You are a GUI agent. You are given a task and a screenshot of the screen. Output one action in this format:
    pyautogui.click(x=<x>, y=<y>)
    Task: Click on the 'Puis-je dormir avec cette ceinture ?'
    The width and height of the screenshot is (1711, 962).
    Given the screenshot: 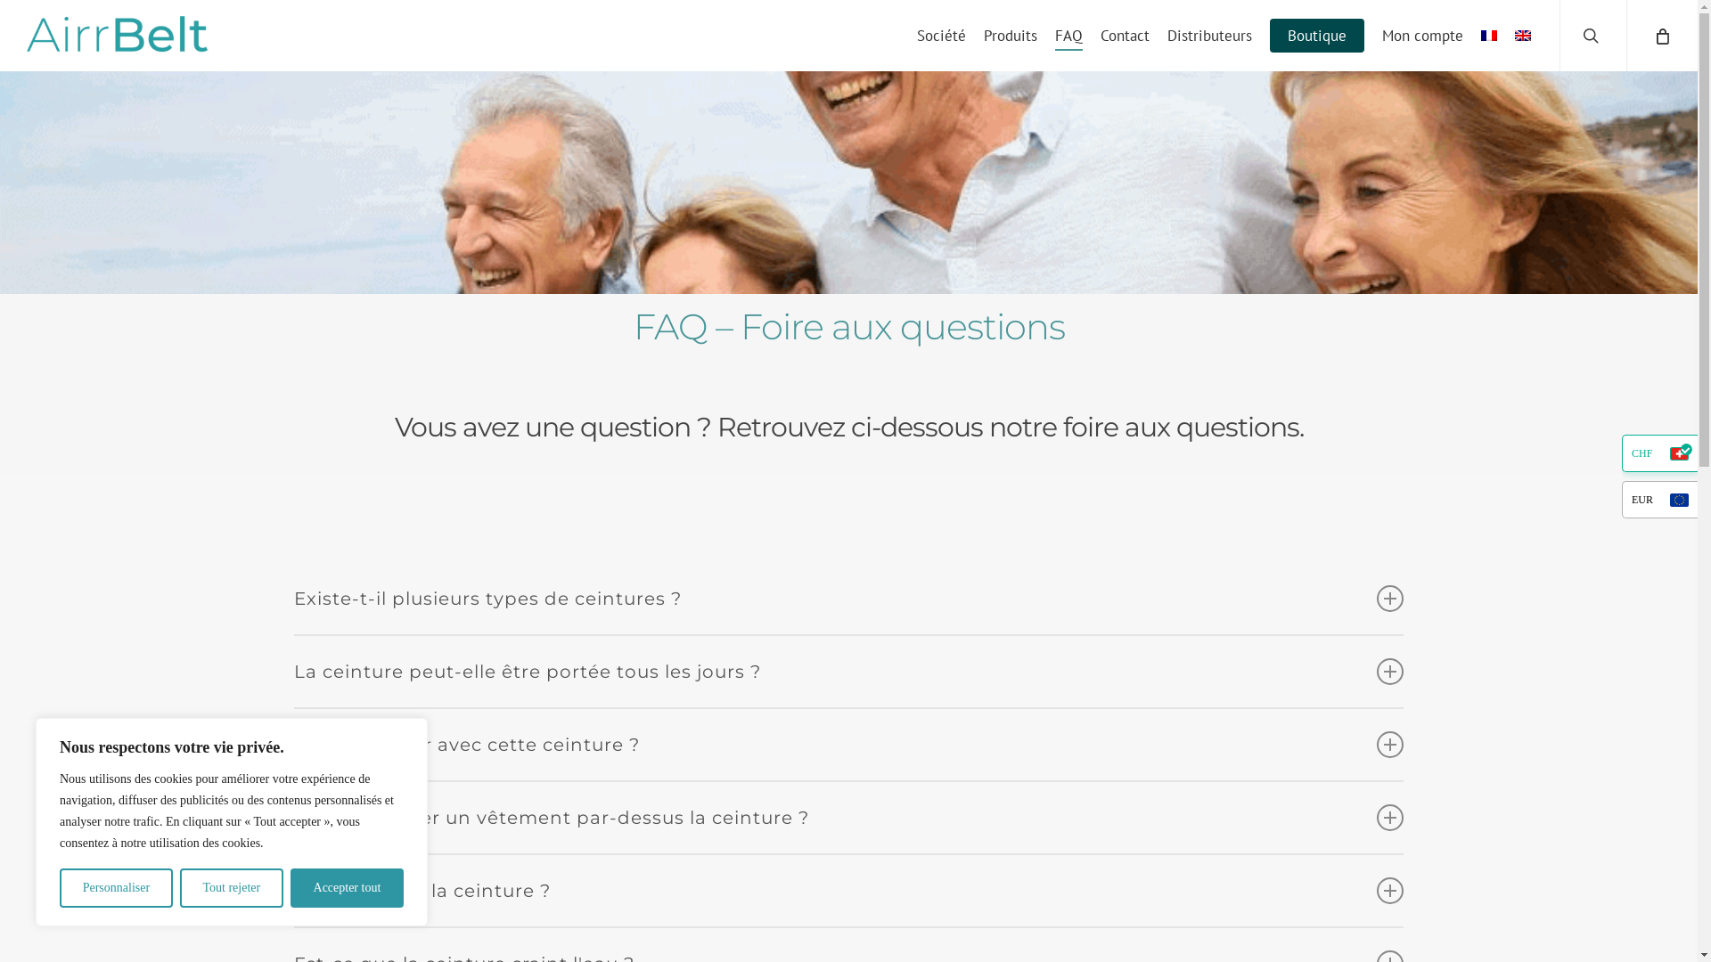 What is the action you would take?
    pyautogui.click(x=847, y=745)
    